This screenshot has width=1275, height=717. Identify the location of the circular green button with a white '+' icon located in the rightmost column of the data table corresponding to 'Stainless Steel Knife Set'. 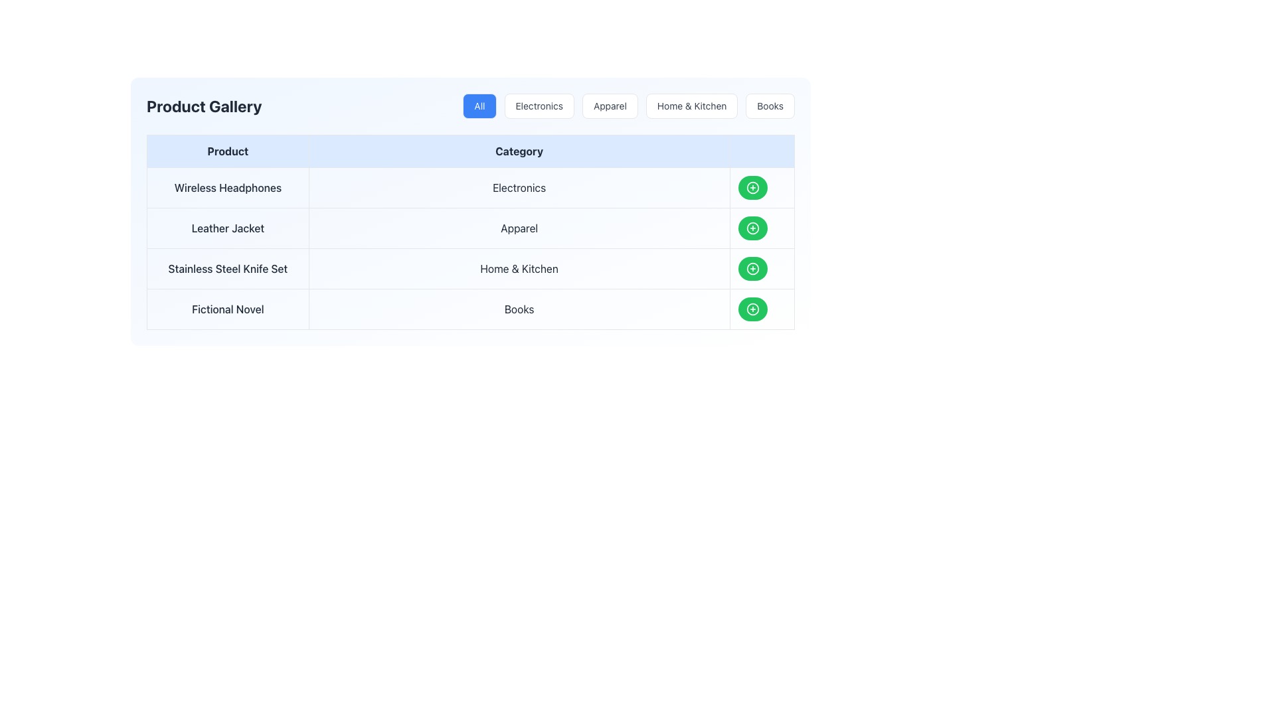
(752, 269).